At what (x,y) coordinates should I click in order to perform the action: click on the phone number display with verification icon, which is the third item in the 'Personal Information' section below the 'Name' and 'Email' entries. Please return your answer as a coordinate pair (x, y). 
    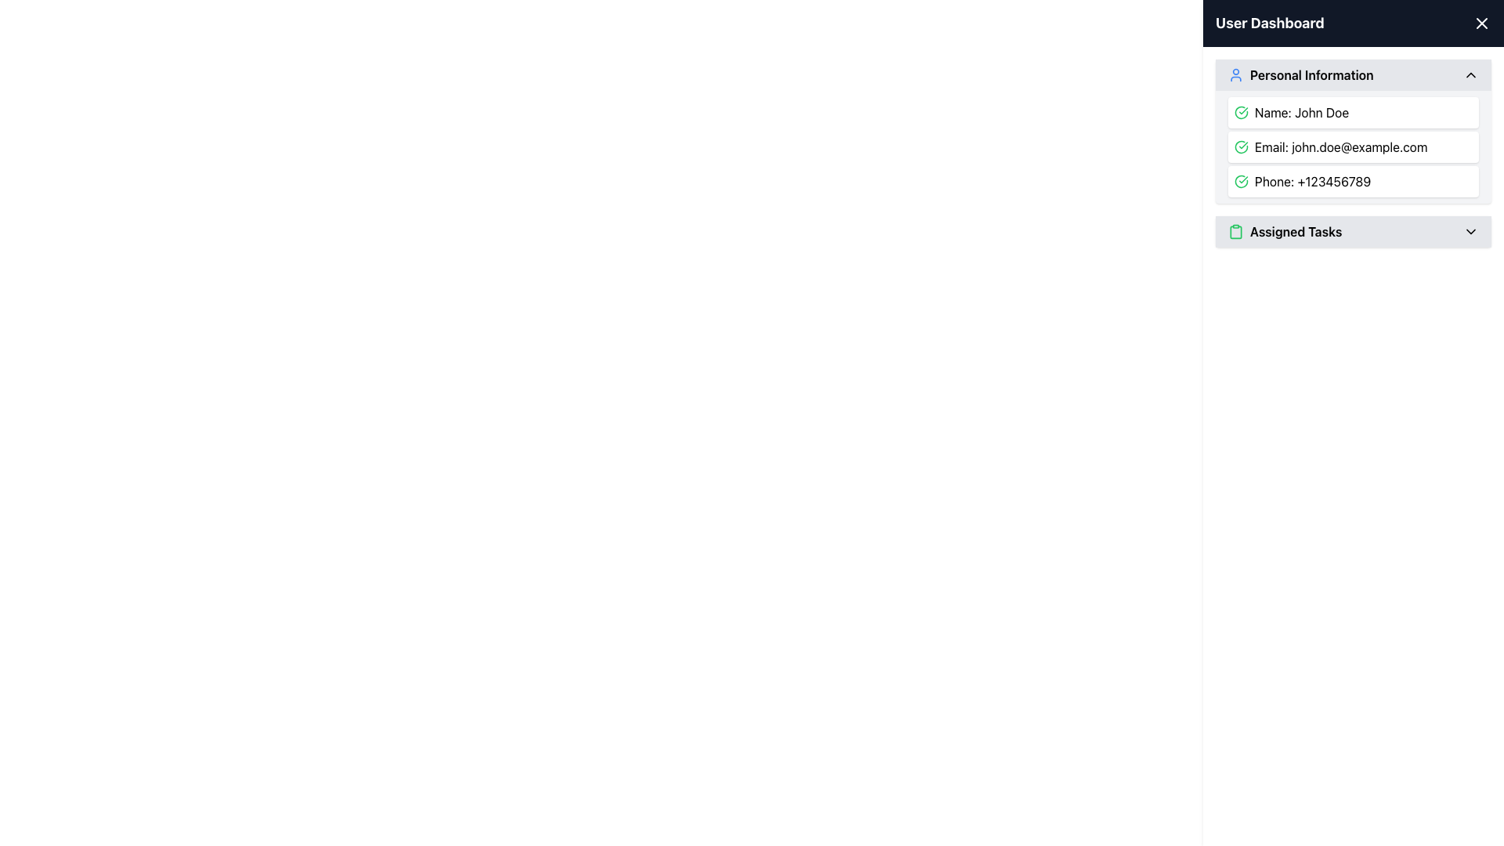
    Looking at the image, I should click on (1353, 180).